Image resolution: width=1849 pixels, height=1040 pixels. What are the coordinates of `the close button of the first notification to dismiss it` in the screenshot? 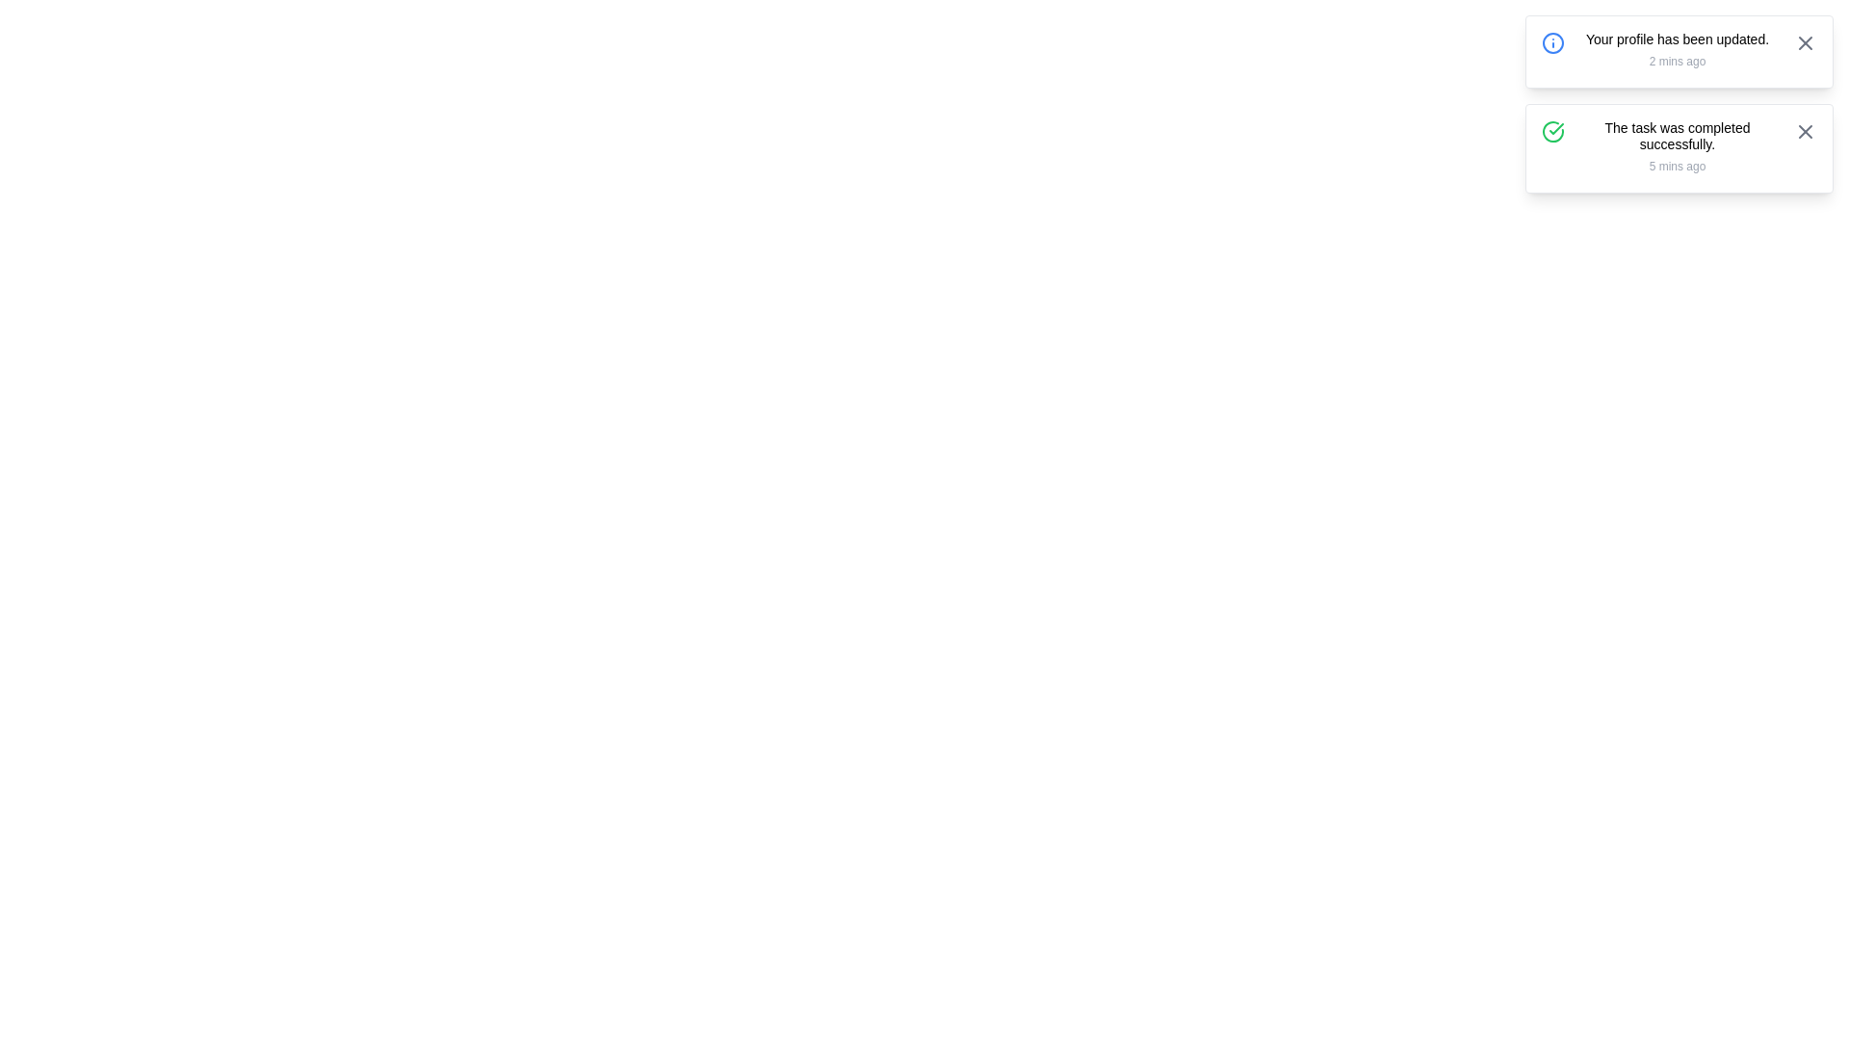 It's located at (1805, 43).